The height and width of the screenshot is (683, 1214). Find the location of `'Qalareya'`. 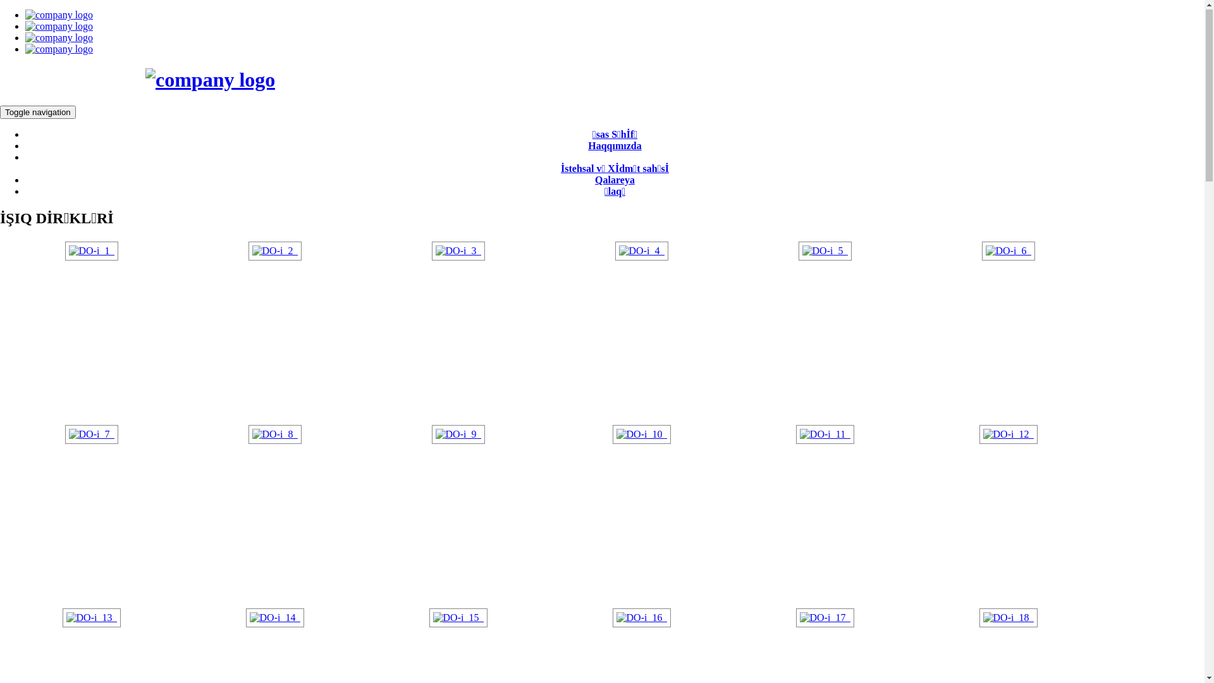

'Qalareya' is located at coordinates (594, 180).